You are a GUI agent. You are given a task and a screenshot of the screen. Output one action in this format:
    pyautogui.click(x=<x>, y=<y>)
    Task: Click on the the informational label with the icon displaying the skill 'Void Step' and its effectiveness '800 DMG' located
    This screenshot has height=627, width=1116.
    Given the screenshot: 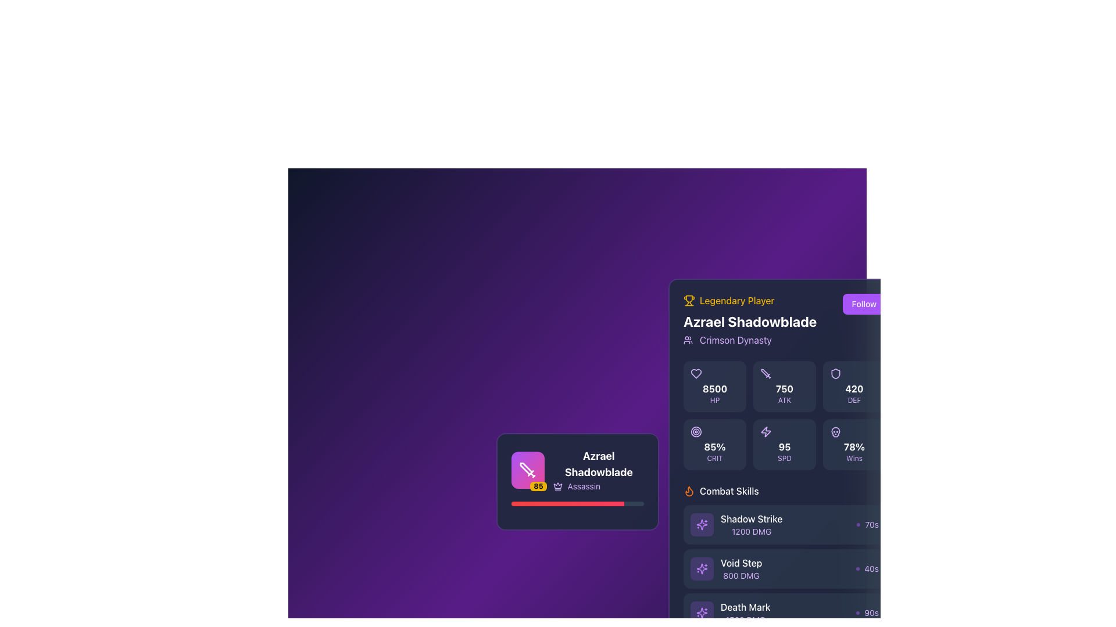 What is the action you would take?
    pyautogui.click(x=725, y=568)
    